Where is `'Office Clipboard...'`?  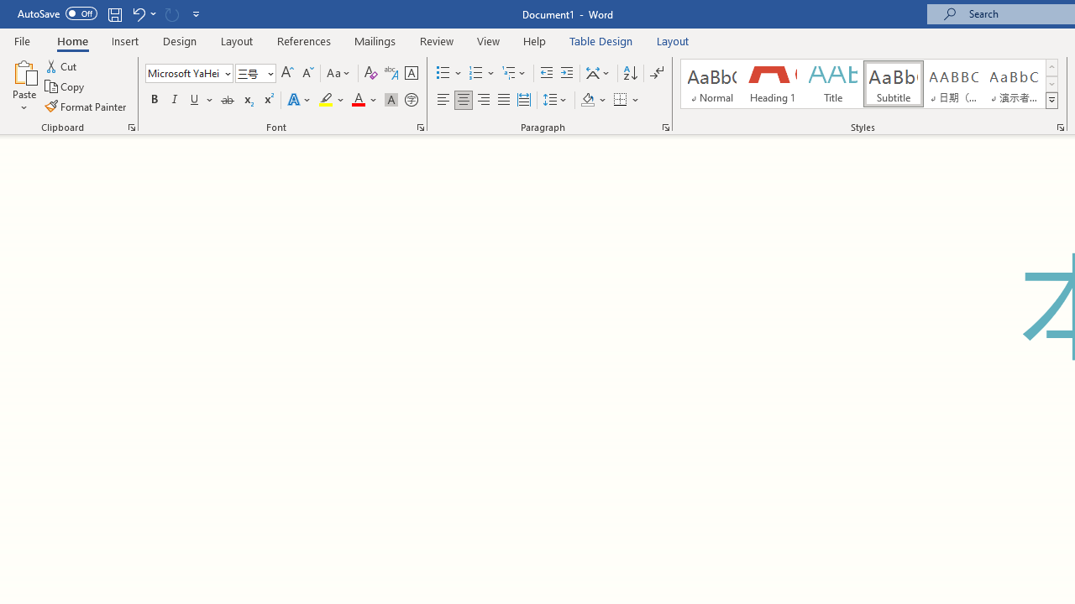 'Office Clipboard...' is located at coordinates (130, 126).